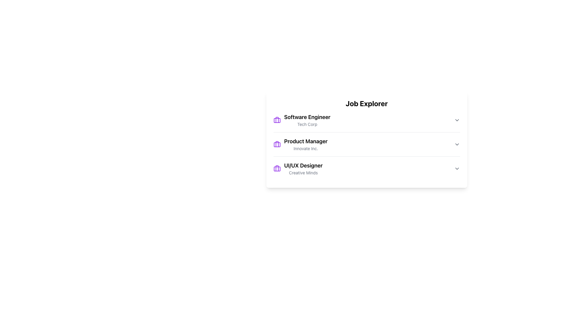  What do you see at coordinates (366, 122) in the screenshot?
I see `the first Interactive List Item in the Job Explorer section, which features the job title 'Software Engineer' and a dropdown arrow` at bounding box center [366, 122].